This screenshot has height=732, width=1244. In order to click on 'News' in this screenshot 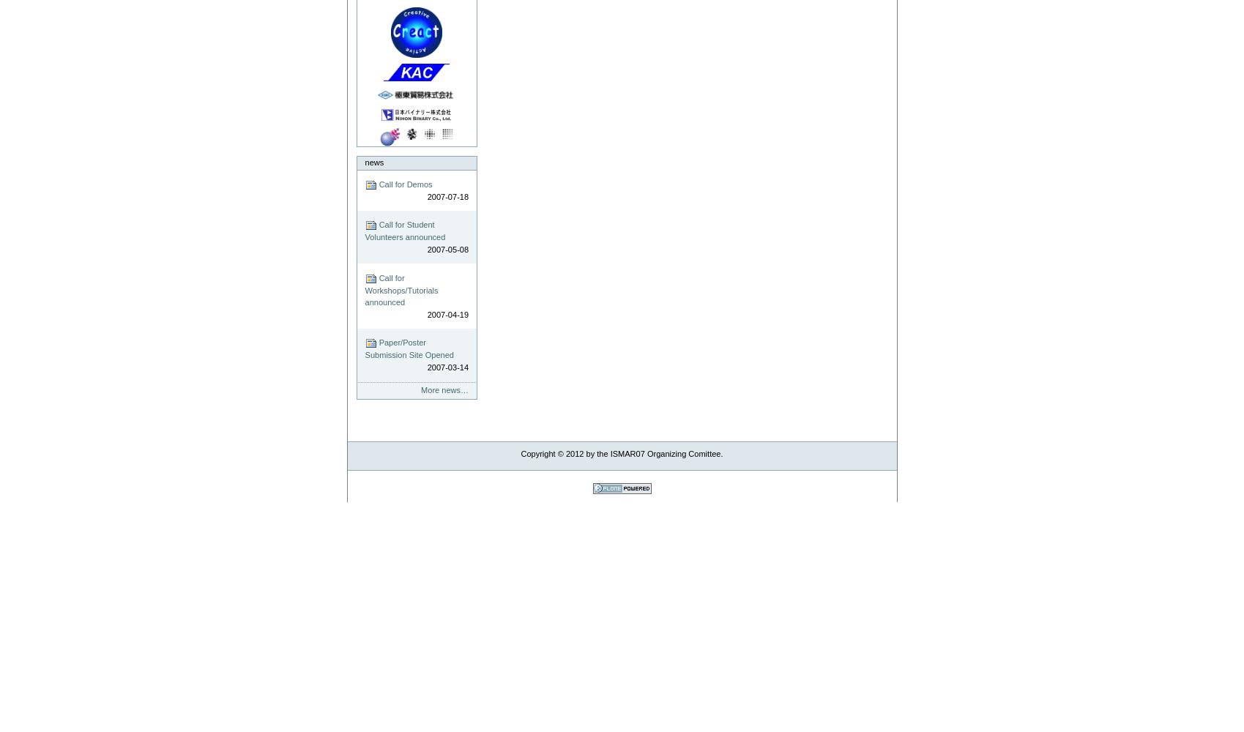, I will do `click(373, 161)`.